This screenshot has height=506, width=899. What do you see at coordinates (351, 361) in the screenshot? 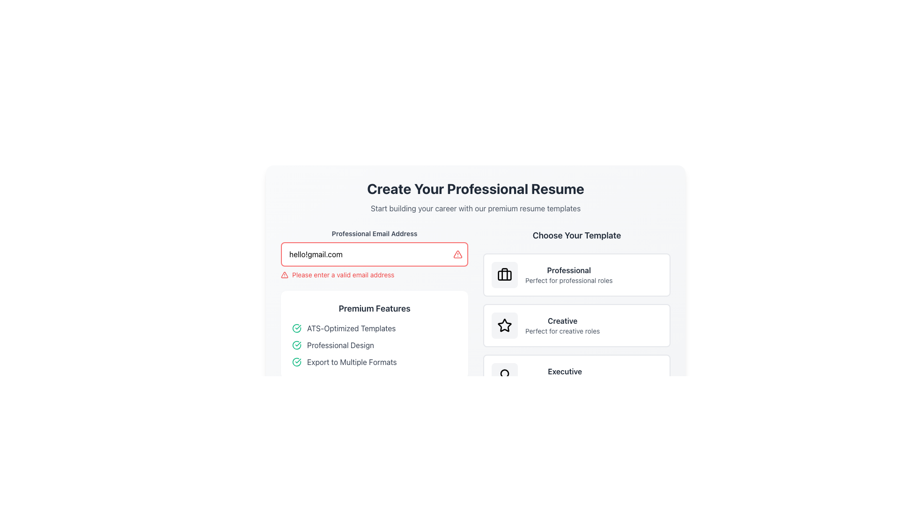
I see `the third text label in the 'Premium Features' section, which describes one of the premium features and is located below the 'ATS-Optimized Templates' and 'Professional Design' labels` at bounding box center [351, 361].